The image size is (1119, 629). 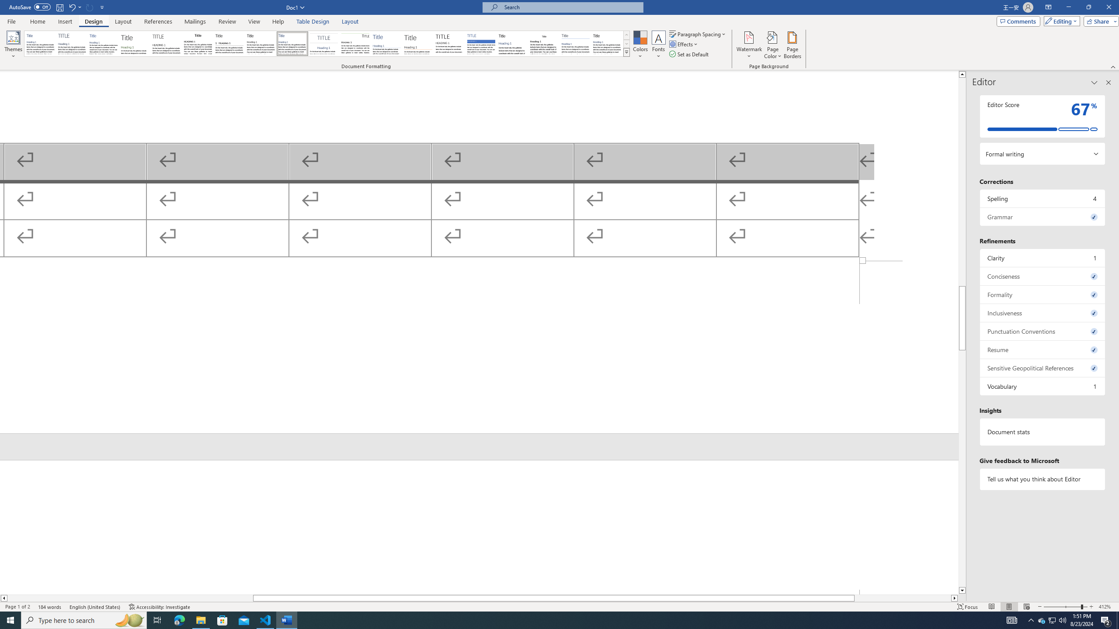 What do you see at coordinates (748, 45) in the screenshot?
I see `'Watermark'` at bounding box center [748, 45].